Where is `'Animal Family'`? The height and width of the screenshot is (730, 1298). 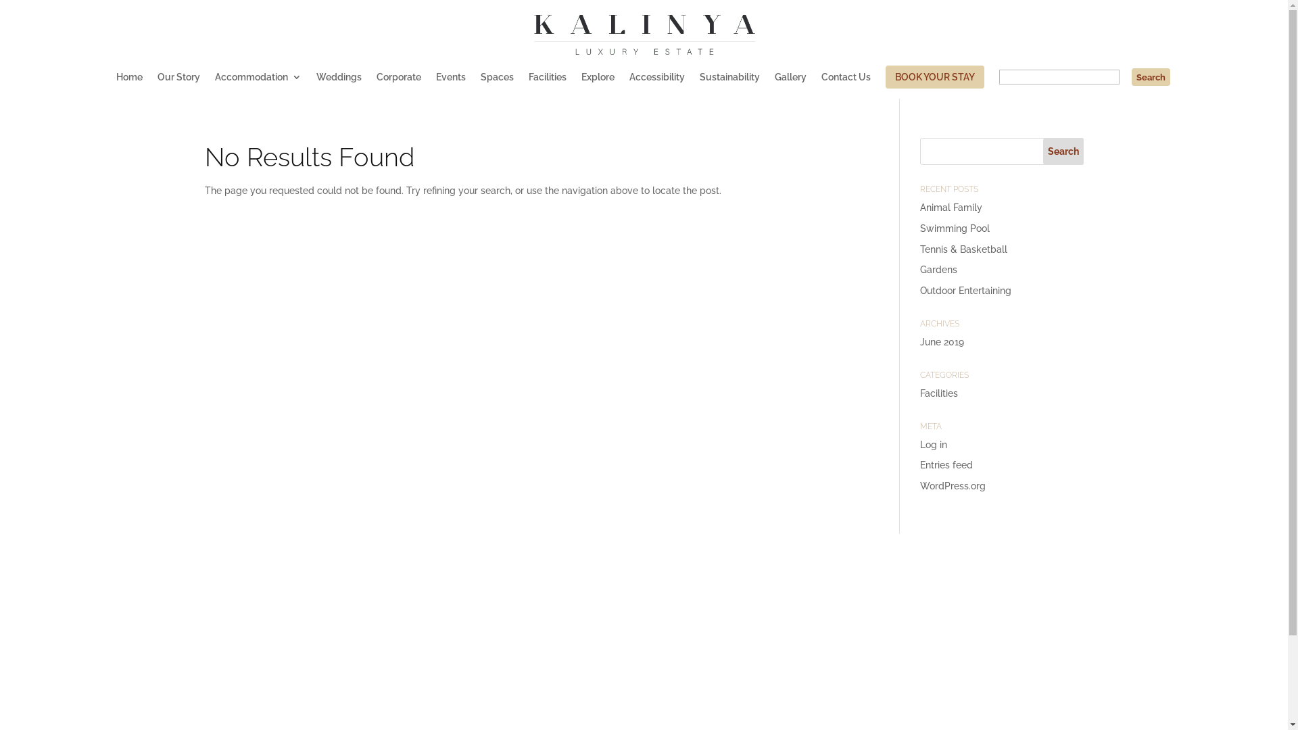
'Animal Family' is located at coordinates (950, 208).